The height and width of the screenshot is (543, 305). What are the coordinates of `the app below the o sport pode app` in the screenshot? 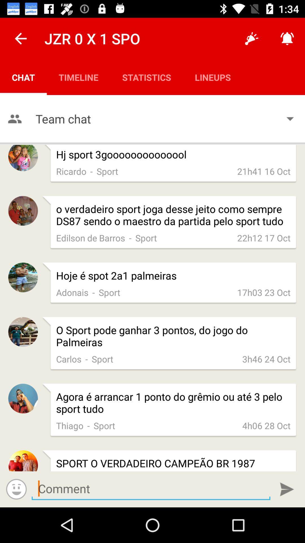 It's located at (86, 359).